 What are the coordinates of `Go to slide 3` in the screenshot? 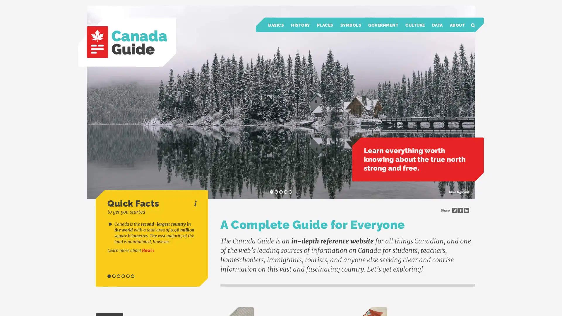 It's located at (118, 276).